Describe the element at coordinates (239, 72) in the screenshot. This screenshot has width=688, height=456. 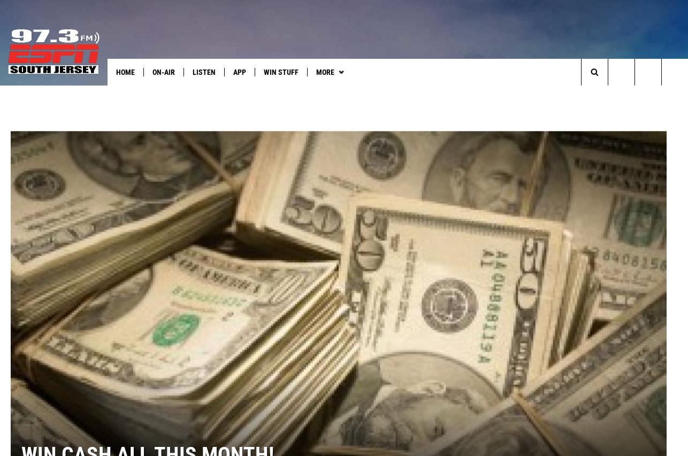
I see `'App'` at that location.